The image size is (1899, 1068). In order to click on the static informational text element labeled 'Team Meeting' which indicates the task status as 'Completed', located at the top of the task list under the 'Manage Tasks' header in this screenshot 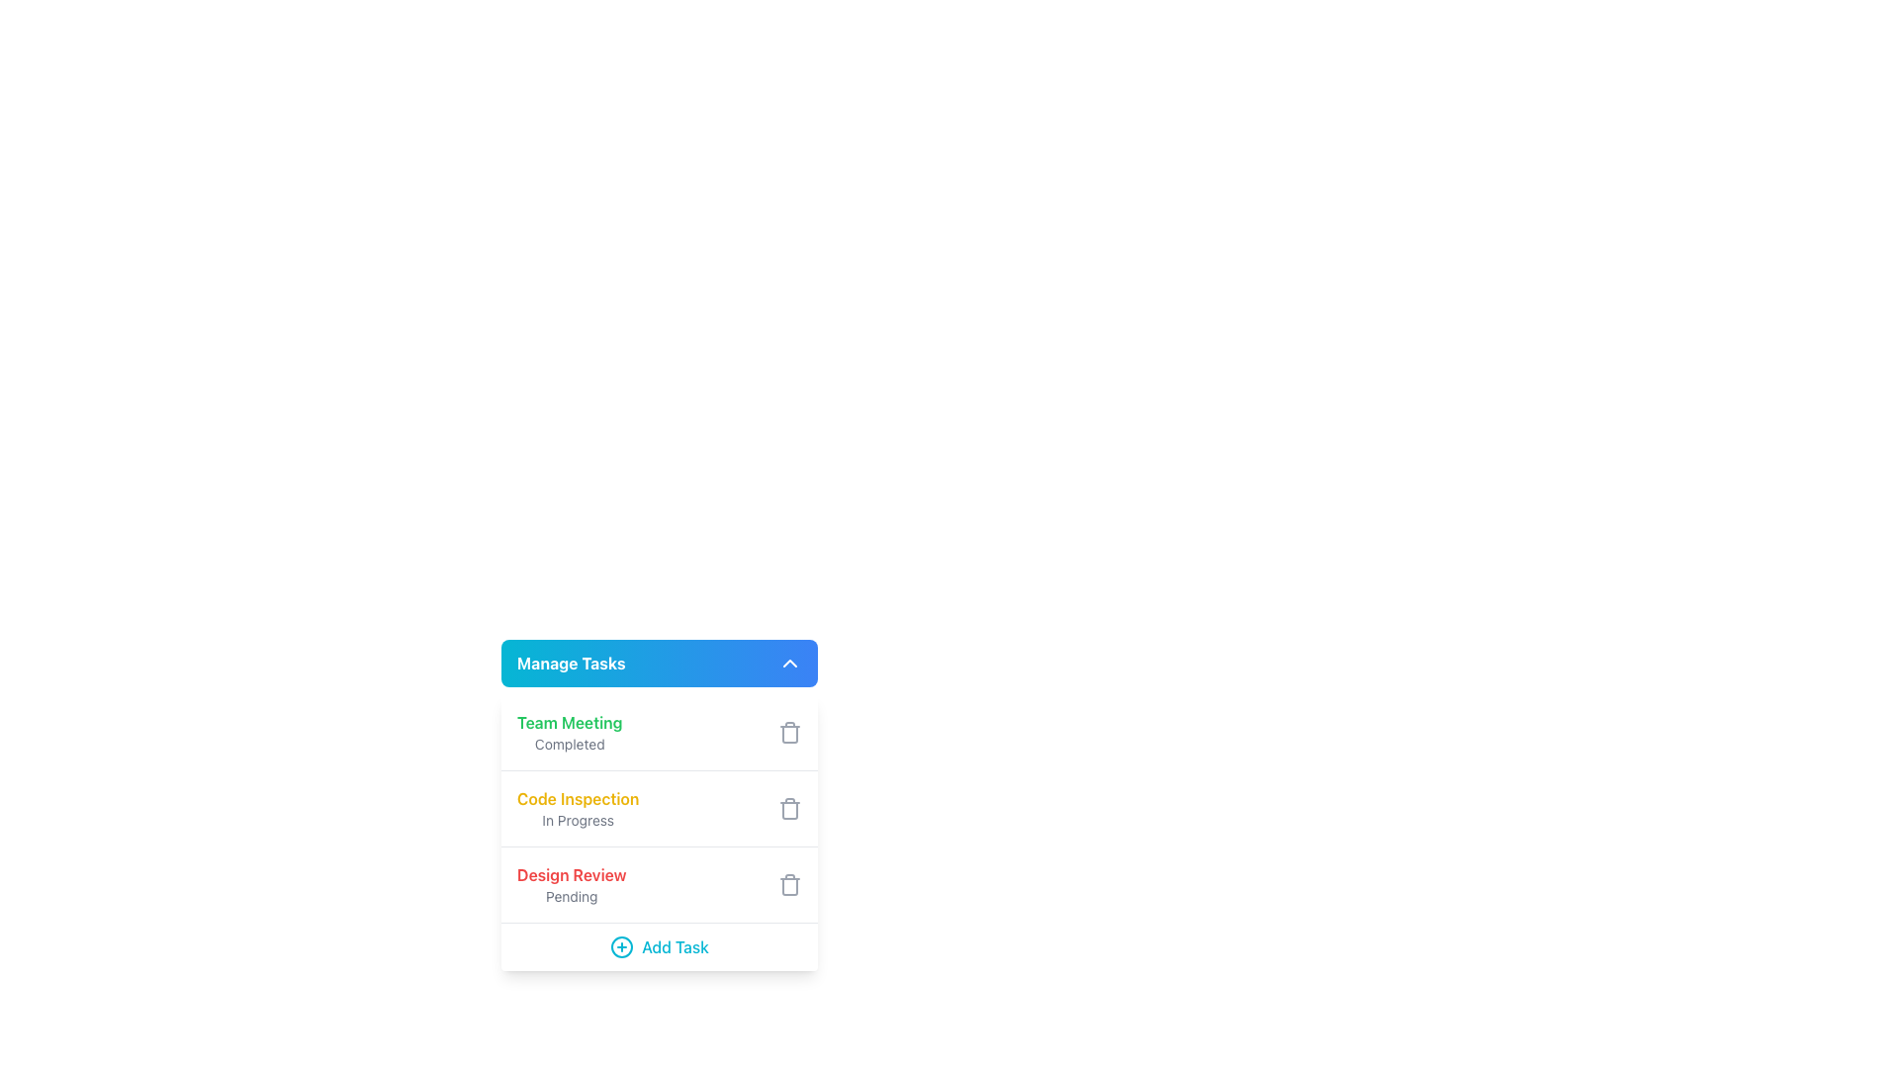, I will do `click(569, 732)`.